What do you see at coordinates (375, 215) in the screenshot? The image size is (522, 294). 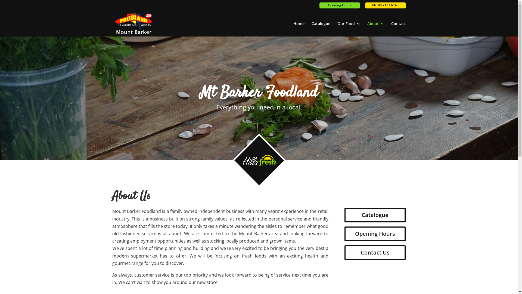 I see `'Catalogue'` at bounding box center [375, 215].